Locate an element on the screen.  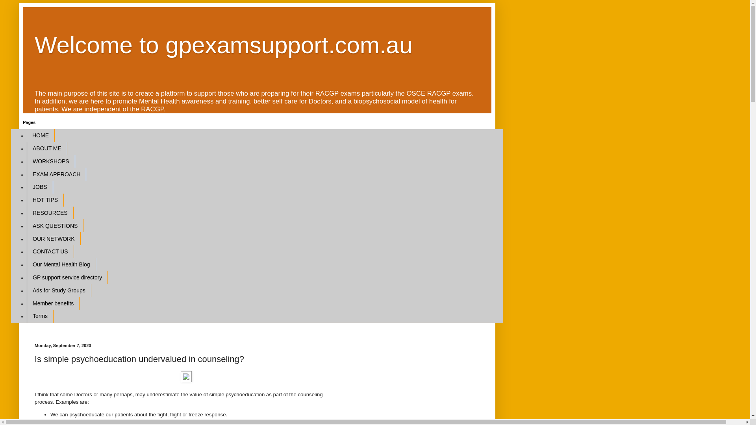
'Member benefits' is located at coordinates (52, 303).